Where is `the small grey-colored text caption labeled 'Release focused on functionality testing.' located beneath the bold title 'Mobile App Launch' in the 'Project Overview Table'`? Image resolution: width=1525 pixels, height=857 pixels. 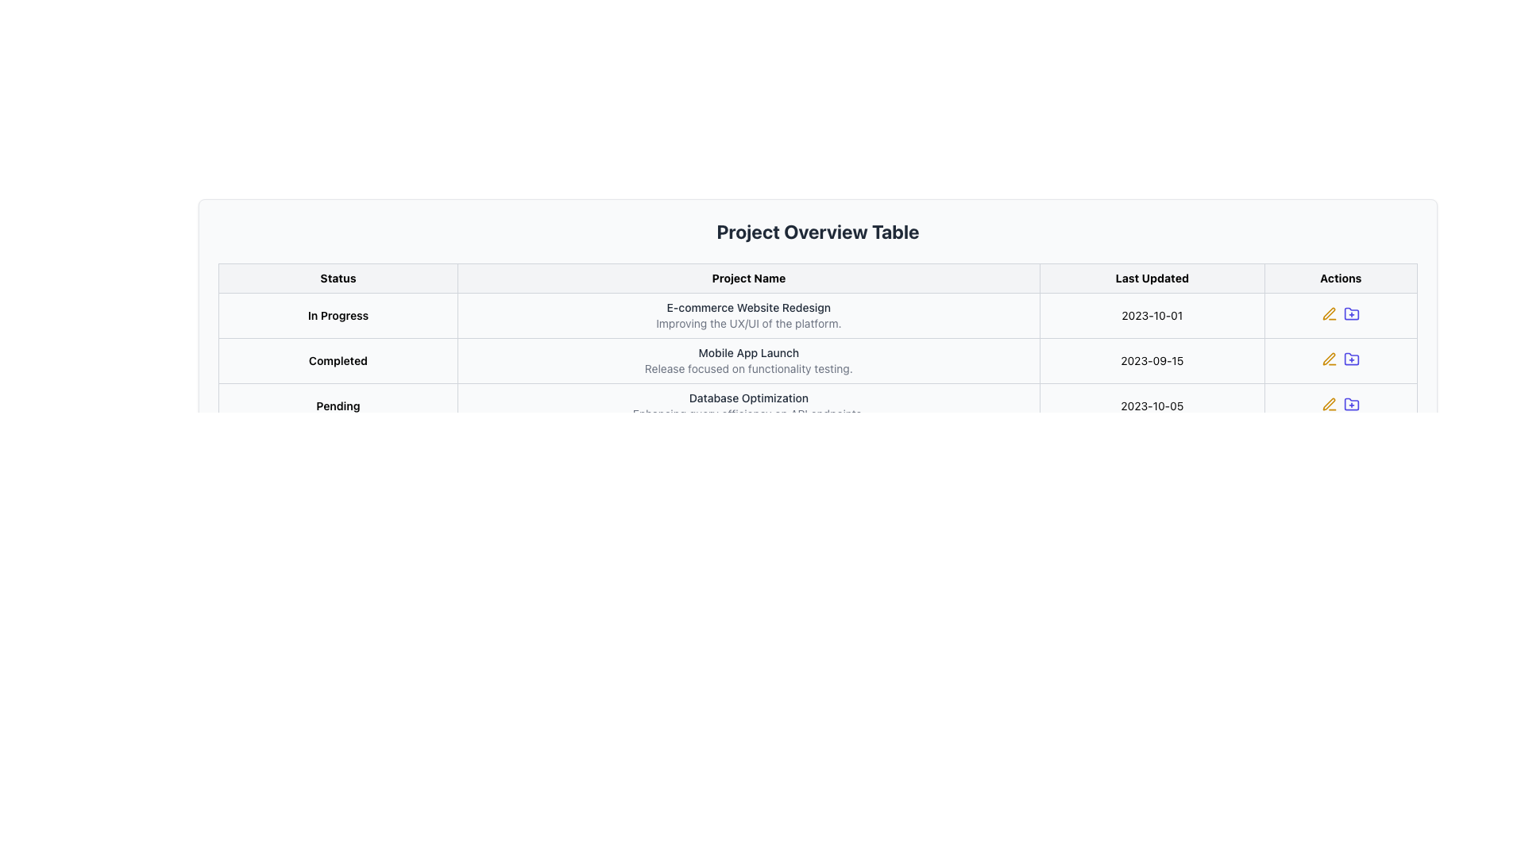
the small grey-colored text caption labeled 'Release focused on functionality testing.' located beneath the bold title 'Mobile App Launch' in the 'Project Overview Table' is located at coordinates (747, 369).